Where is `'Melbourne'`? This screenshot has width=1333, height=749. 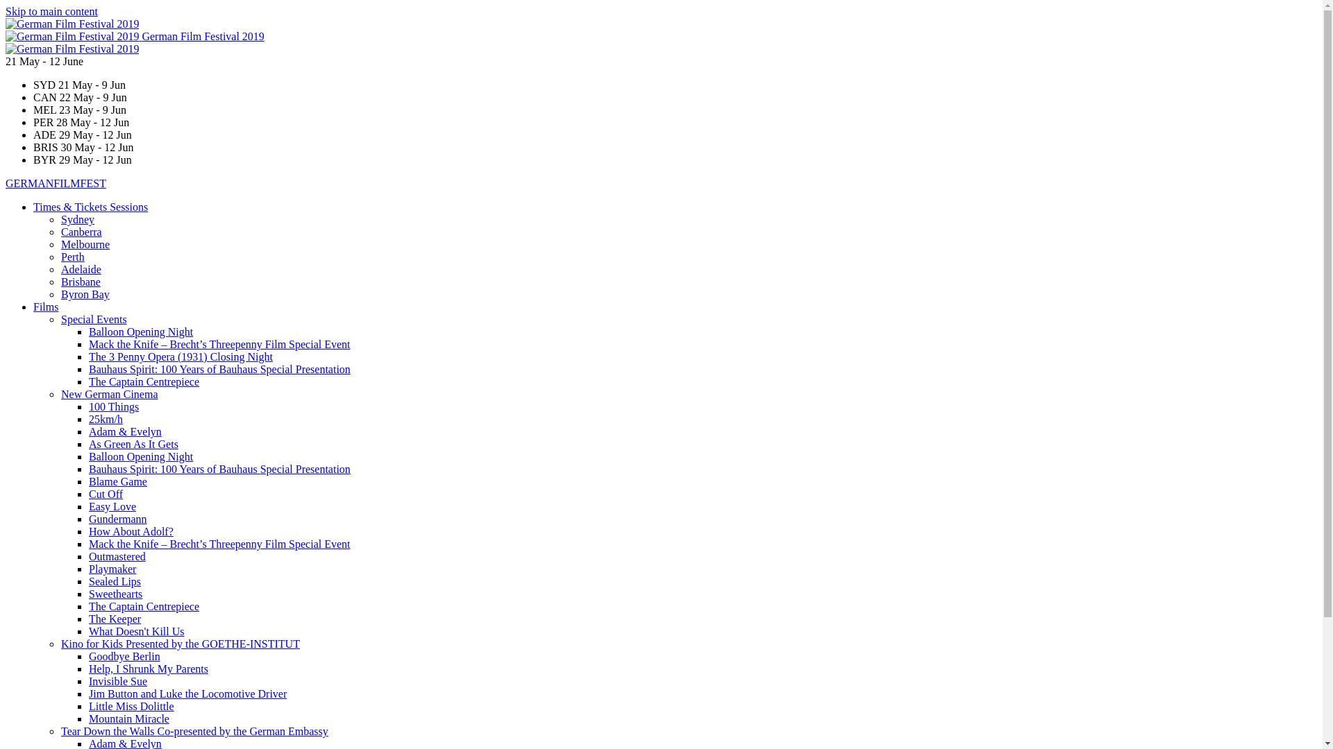 'Melbourne' is located at coordinates (85, 243).